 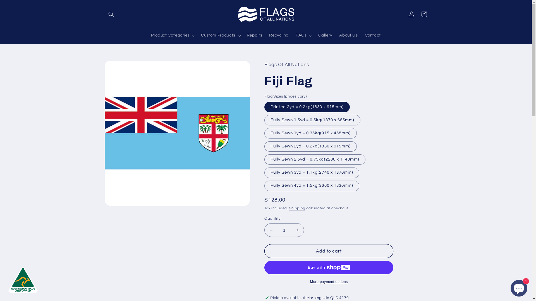 I want to click on 'Cart', so click(x=424, y=14).